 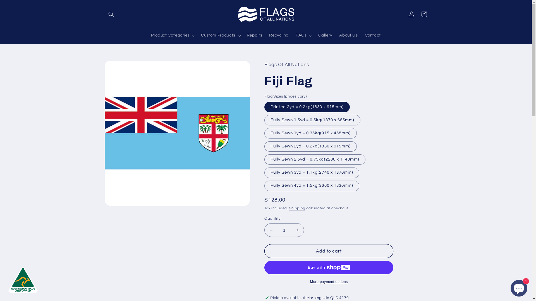 I want to click on 'Cart', so click(x=424, y=14).